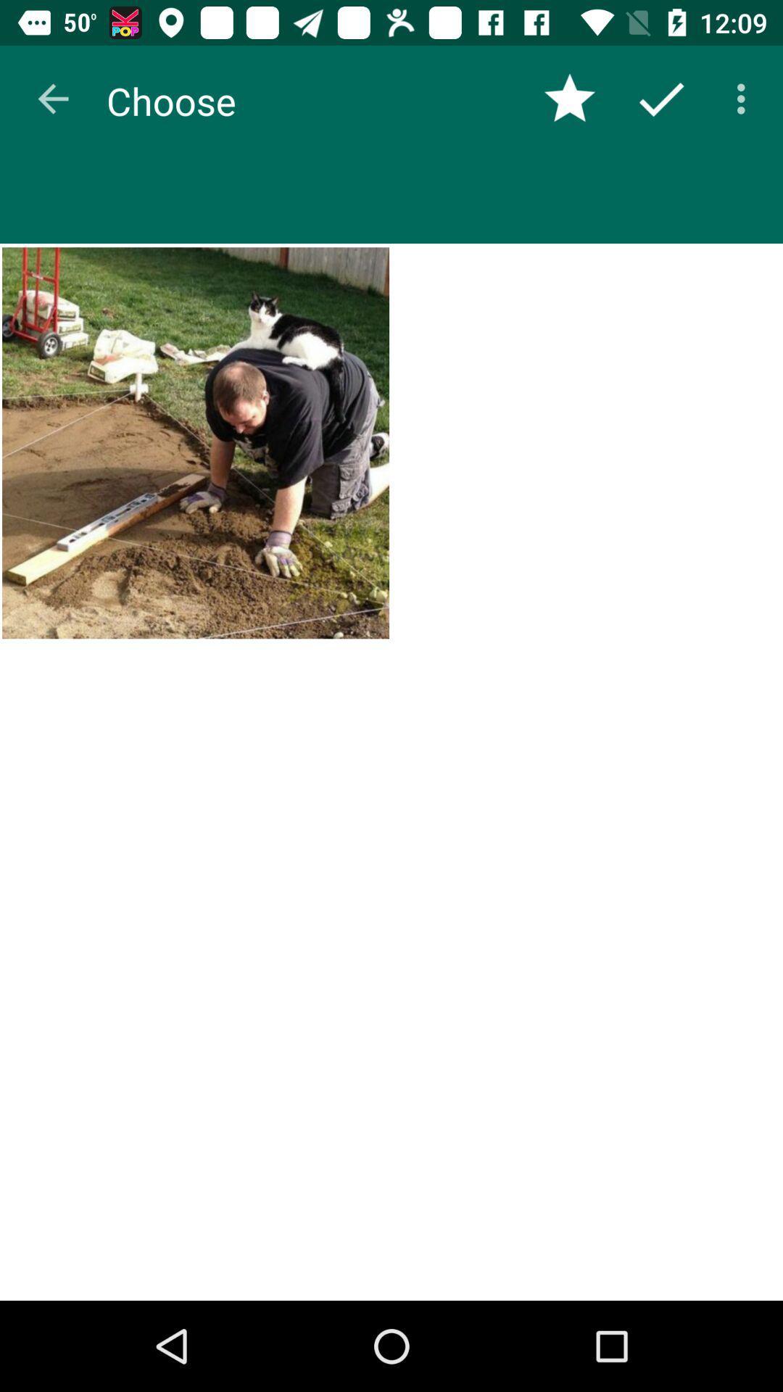 The width and height of the screenshot is (783, 1392). Describe the element at coordinates (52, 98) in the screenshot. I see `the item to the left of the choose` at that location.